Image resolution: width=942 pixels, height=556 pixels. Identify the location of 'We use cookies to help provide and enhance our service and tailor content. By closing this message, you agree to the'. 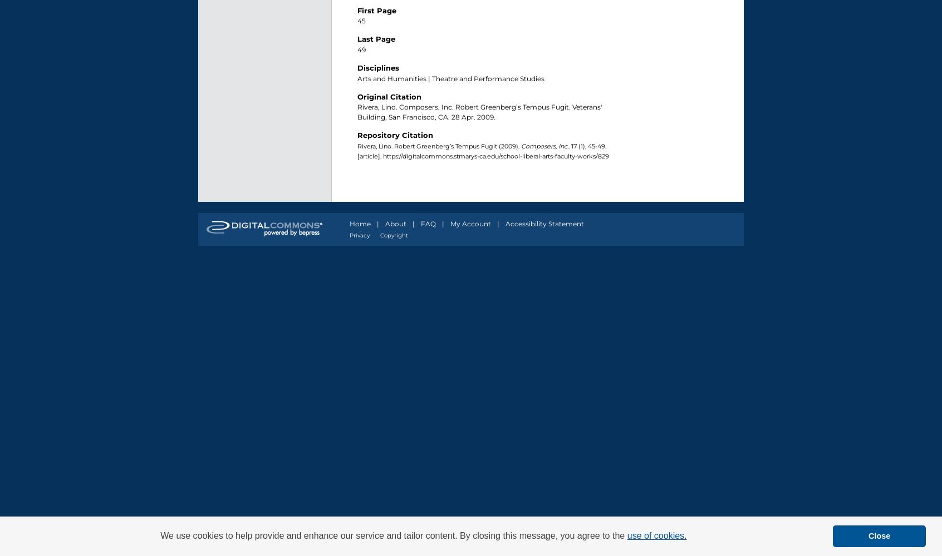
(159, 535).